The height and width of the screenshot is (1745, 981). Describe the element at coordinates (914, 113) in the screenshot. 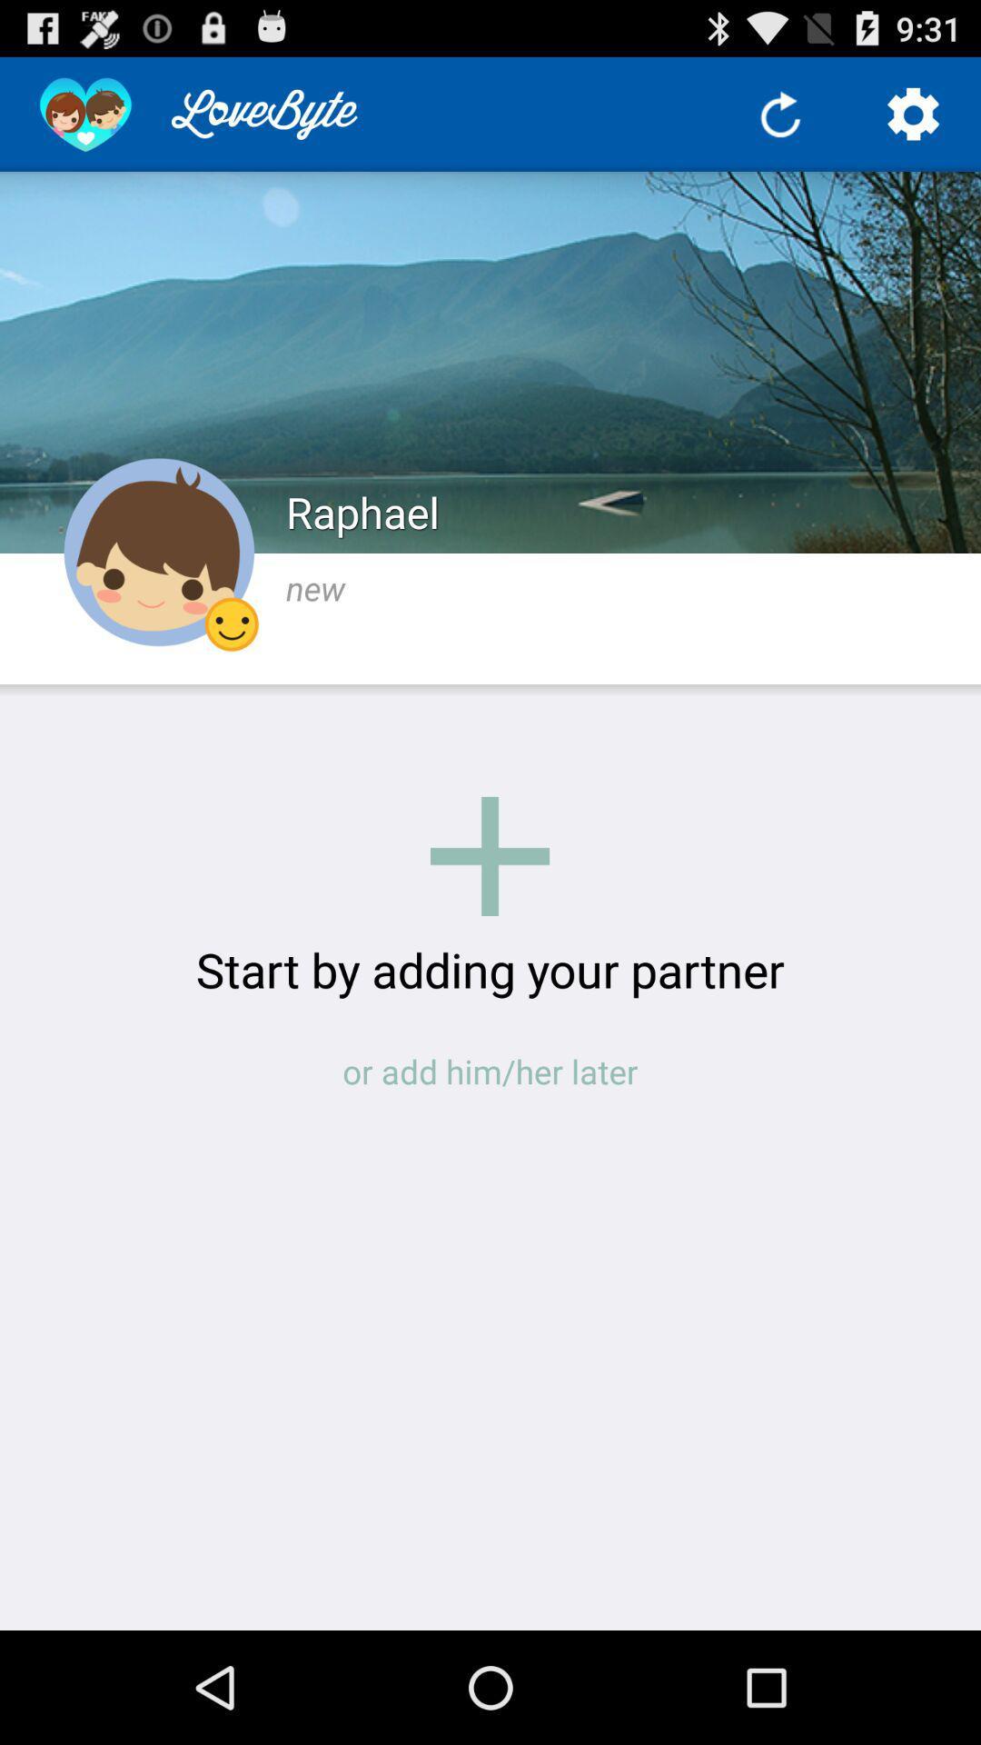

I see `button to activate the menu` at that location.